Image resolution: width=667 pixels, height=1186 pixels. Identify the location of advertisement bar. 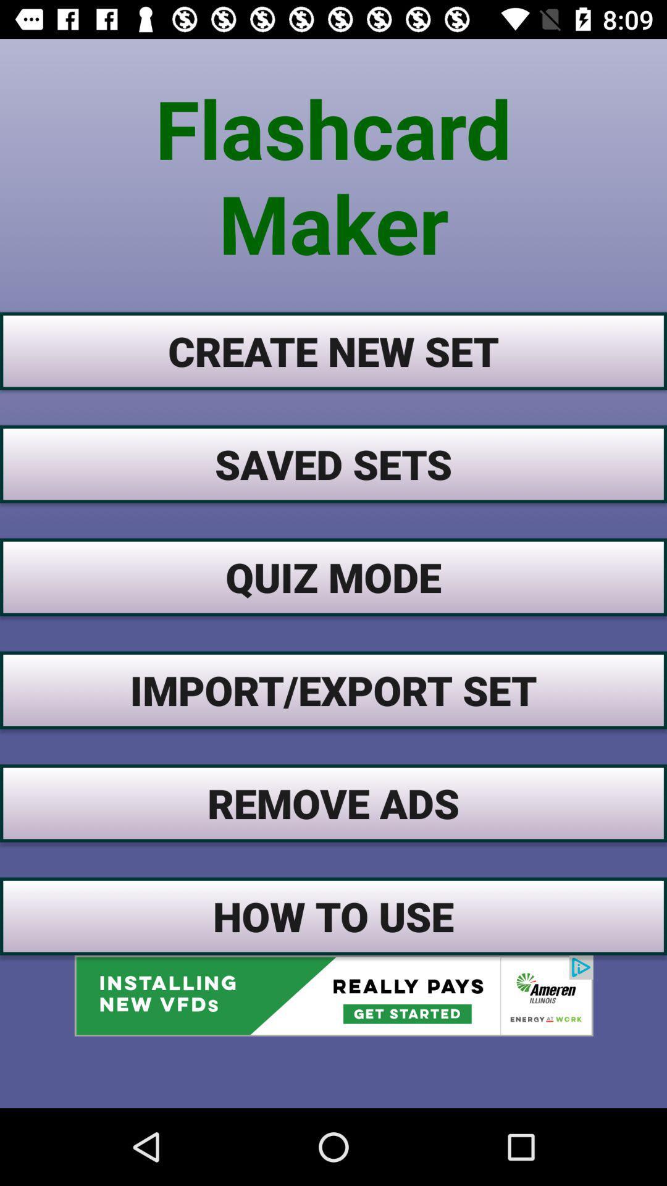
(333, 996).